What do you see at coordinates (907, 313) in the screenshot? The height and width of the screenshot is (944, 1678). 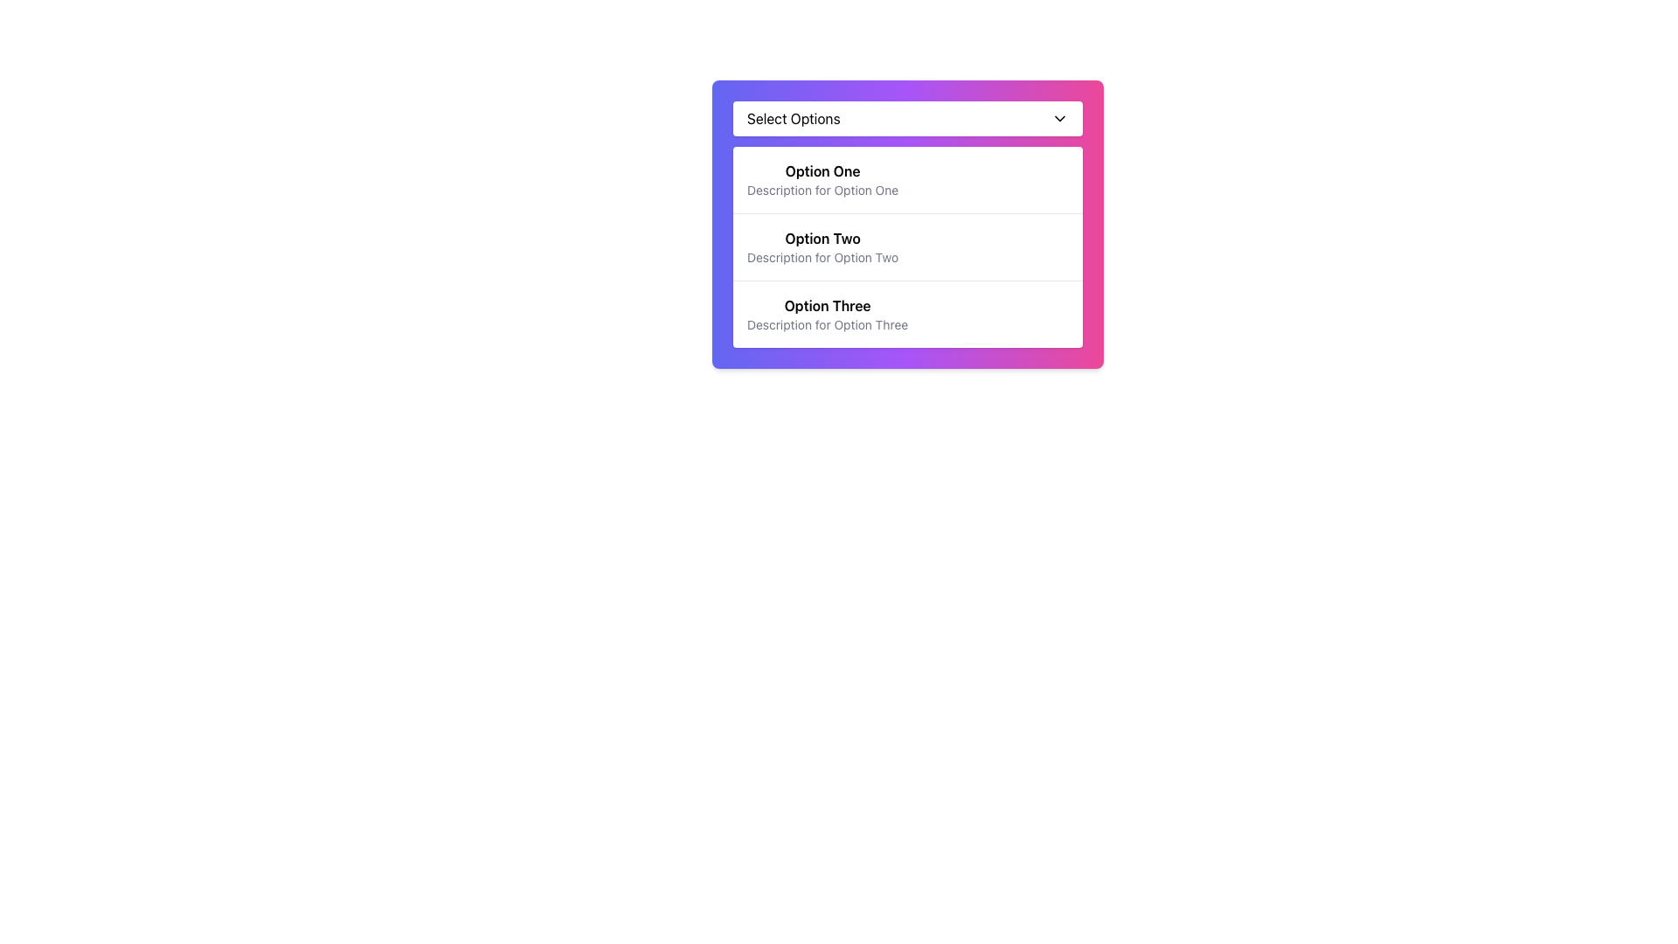 I see `the third selectable option in the dropdown menu` at bounding box center [907, 313].